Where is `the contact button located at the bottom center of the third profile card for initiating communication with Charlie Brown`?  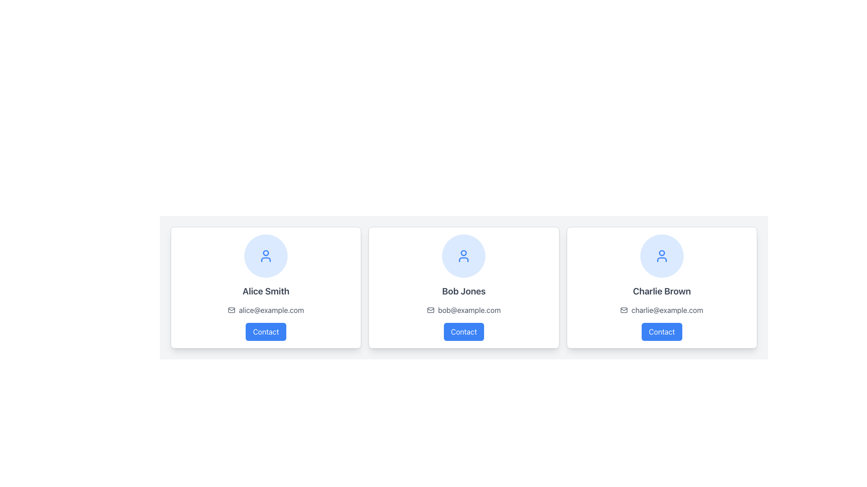
the contact button located at the bottom center of the third profile card for initiating communication with Charlie Brown is located at coordinates (662, 332).